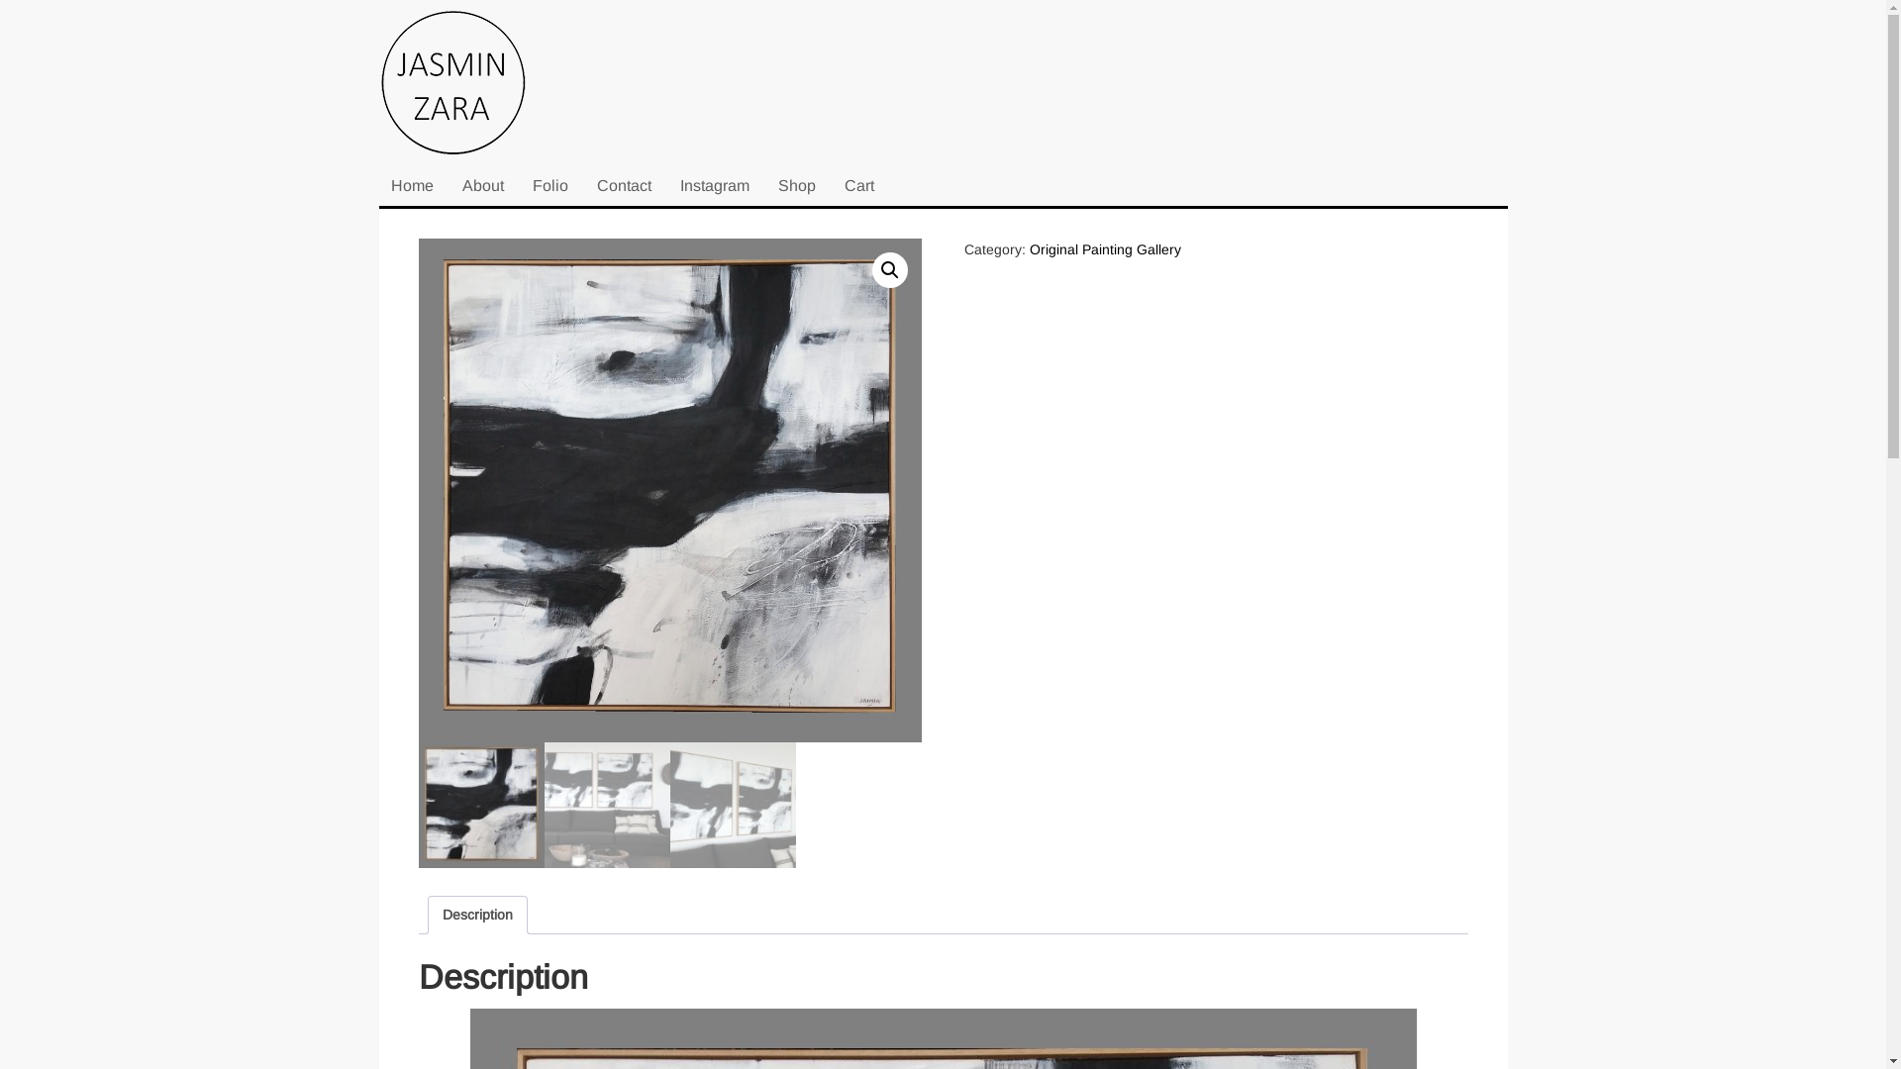 This screenshot has height=1069, width=1901. I want to click on 'Contact', so click(622, 186).